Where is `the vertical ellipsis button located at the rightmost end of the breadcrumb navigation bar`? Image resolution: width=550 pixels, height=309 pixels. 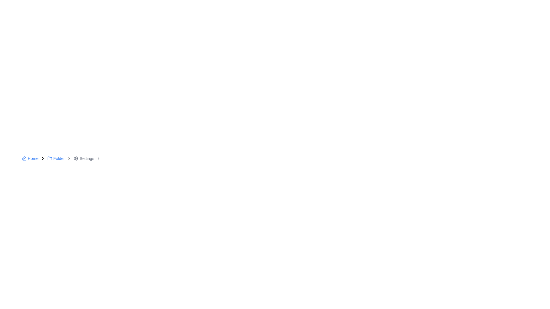 the vertical ellipsis button located at the rightmost end of the breadcrumb navigation bar is located at coordinates (99, 159).